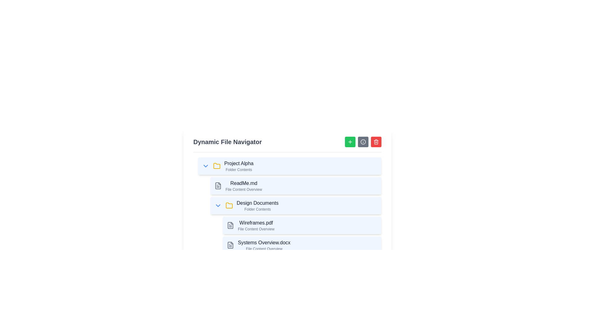 The width and height of the screenshot is (594, 334). What do you see at coordinates (376, 142) in the screenshot?
I see `the red delete button with a white trash can icon` at bounding box center [376, 142].